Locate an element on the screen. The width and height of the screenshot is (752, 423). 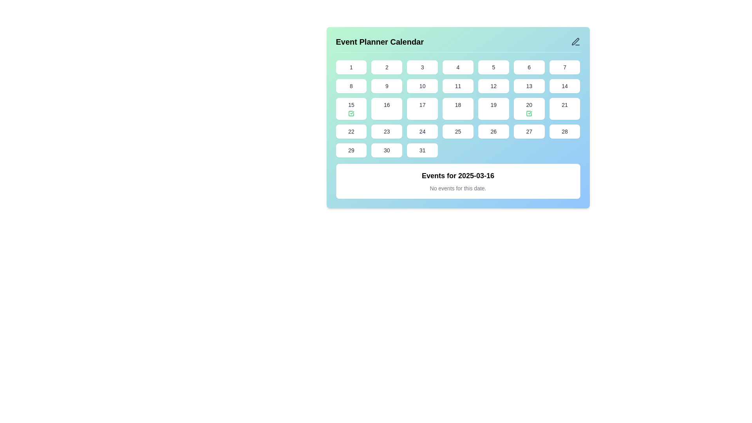
the calendar day button in the Event Planner Calendar is located at coordinates (458, 117).